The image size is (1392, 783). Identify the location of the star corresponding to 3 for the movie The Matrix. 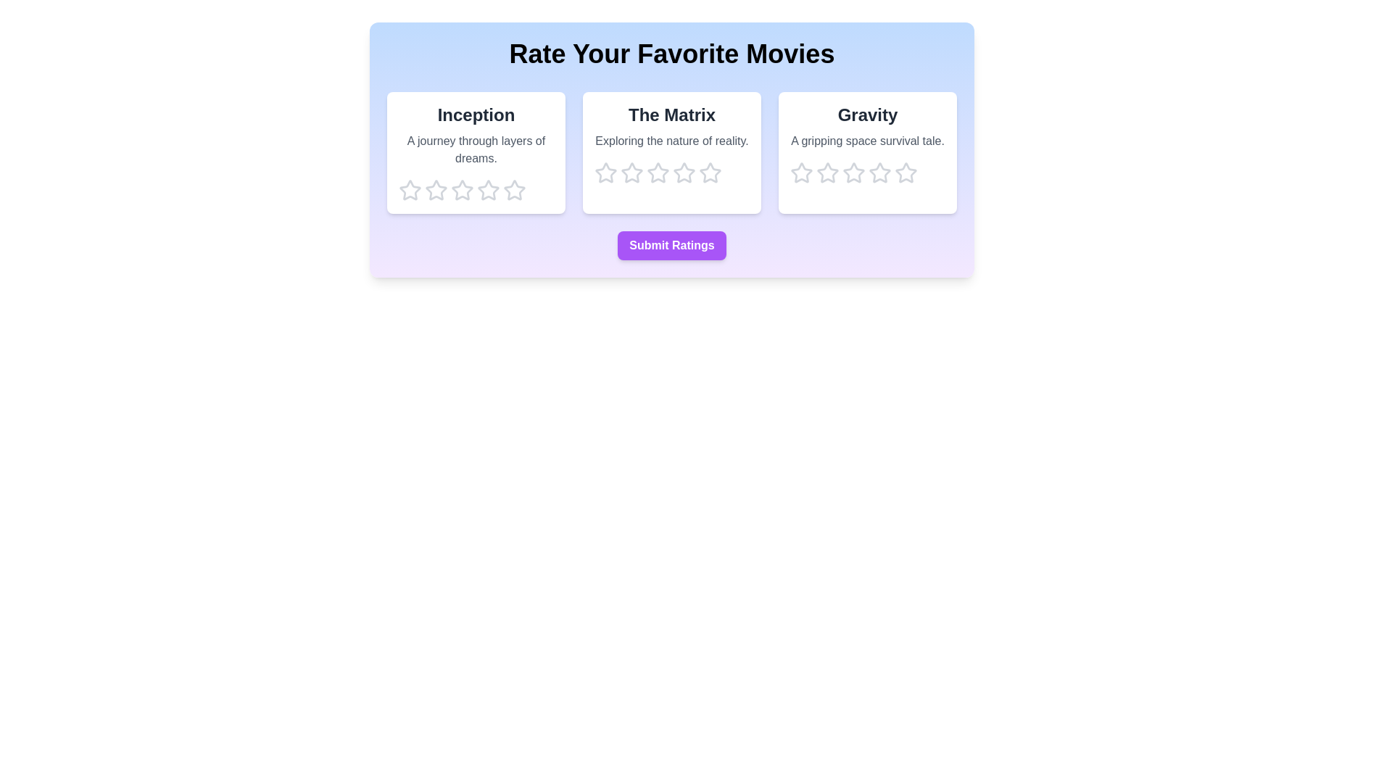
(657, 173).